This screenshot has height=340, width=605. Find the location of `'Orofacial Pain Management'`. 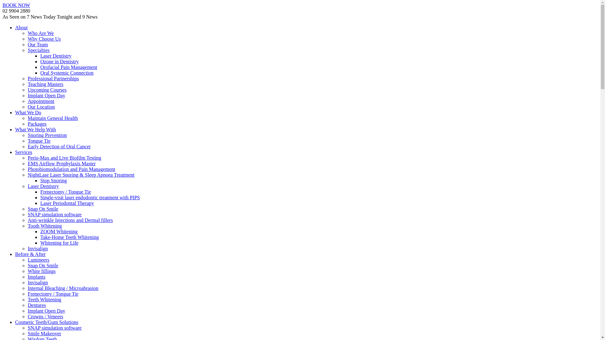

'Orofacial Pain Management' is located at coordinates (68, 67).